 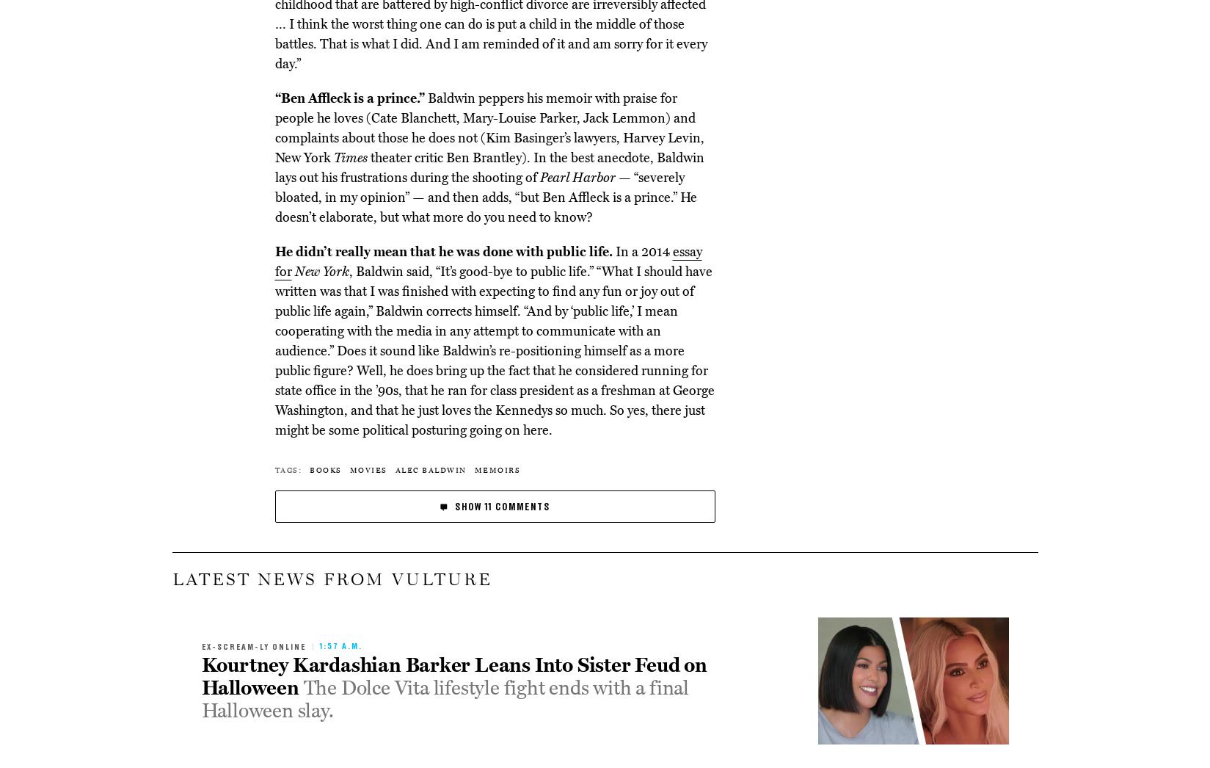 I want to click on 'Times', so click(x=351, y=156).